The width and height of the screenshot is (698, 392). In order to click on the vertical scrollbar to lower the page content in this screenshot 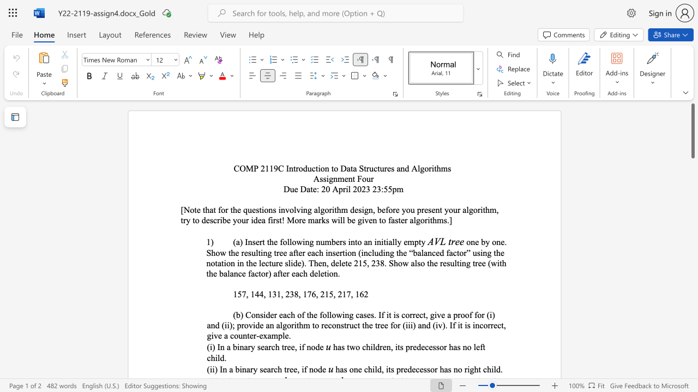, I will do `click(692, 228)`.